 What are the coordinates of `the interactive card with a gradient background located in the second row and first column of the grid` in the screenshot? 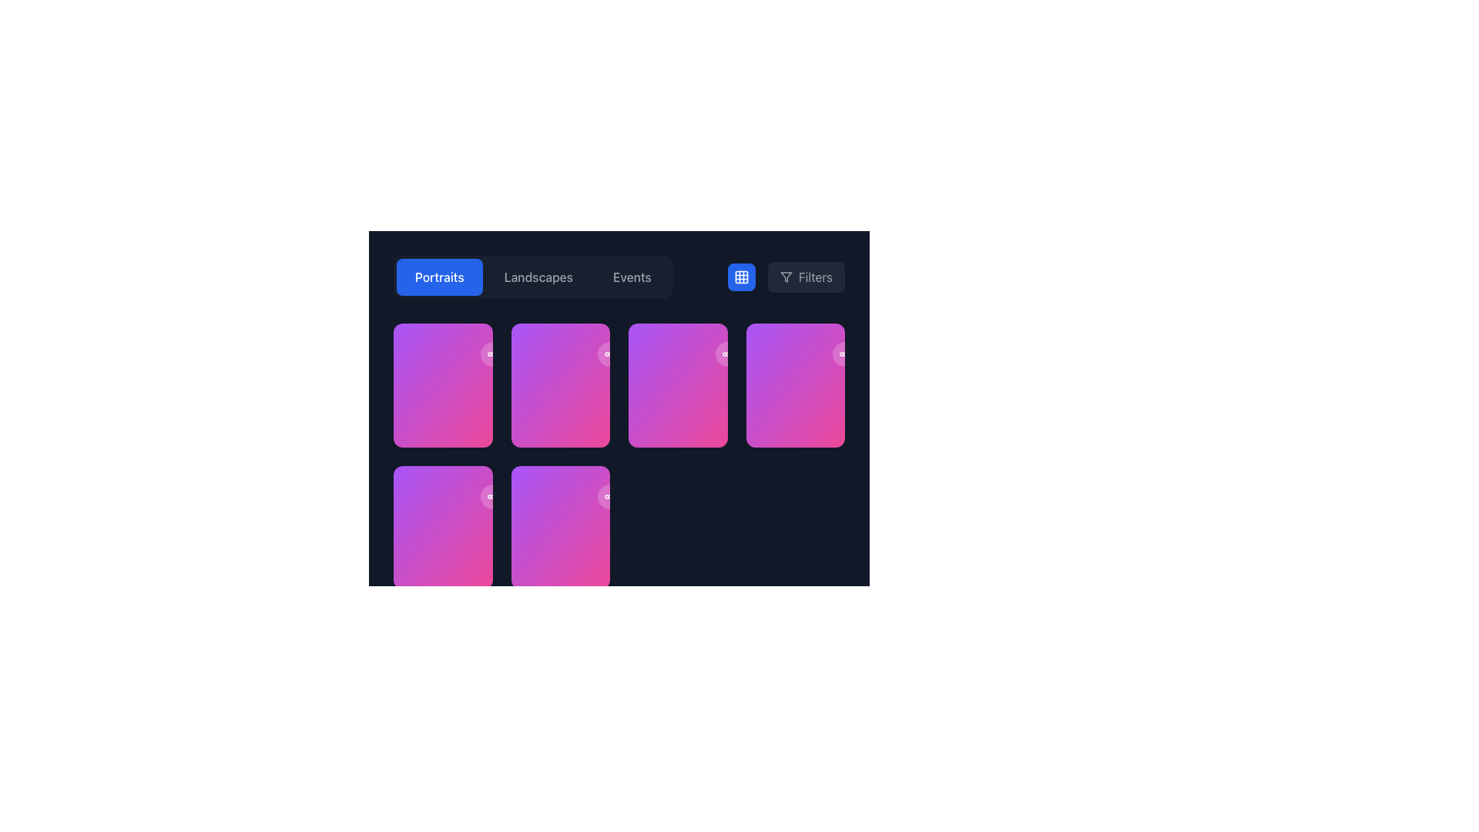 It's located at (442, 526).